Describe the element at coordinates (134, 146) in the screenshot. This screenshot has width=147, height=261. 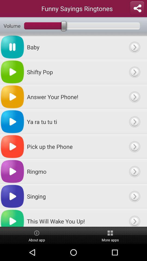
I see `button` at that location.